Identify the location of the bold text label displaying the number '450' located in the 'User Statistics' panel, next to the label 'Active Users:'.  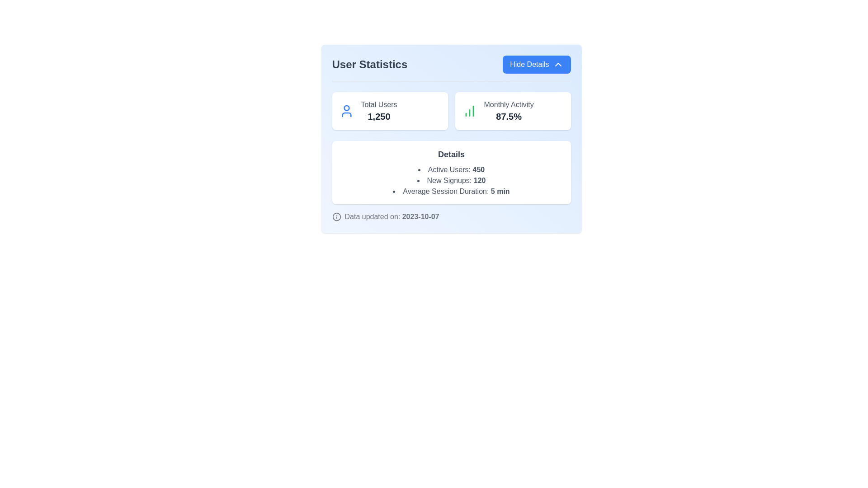
(478, 169).